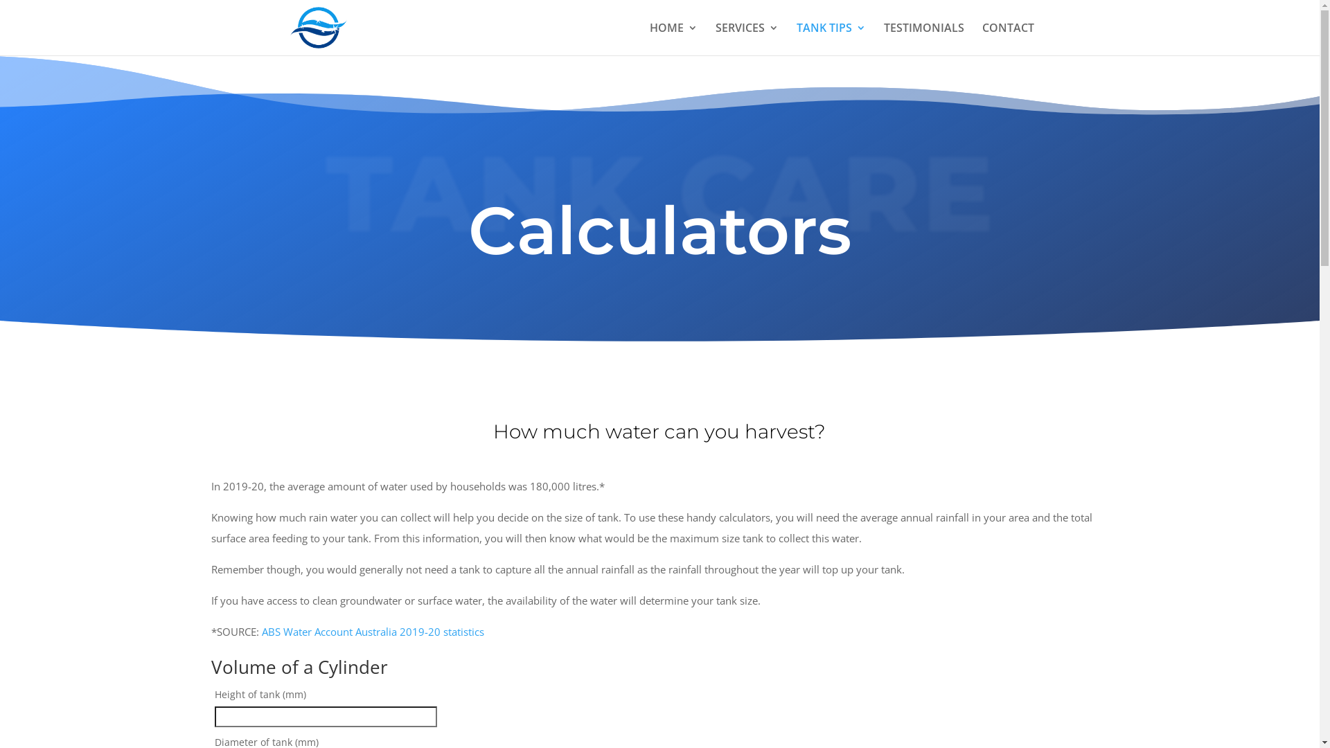 The height and width of the screenshot is (748, 1330). What do you see at coordinates (924, 38) in the screenshot?
I see `'TESTIMONIALS'` at bounding box center [924, 38].